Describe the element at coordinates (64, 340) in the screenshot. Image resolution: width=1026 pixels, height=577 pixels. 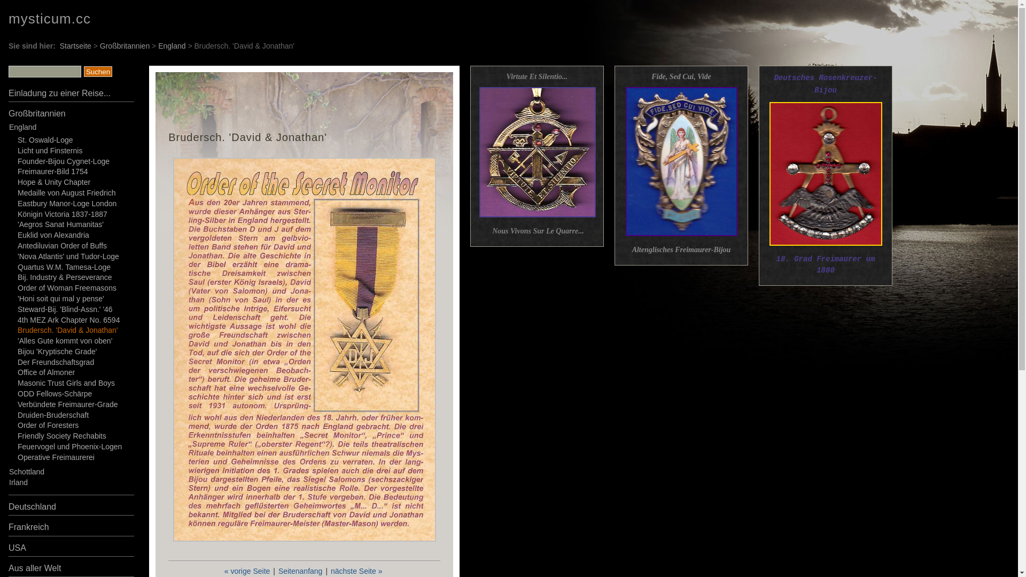
I see `''Alles Gute kommt von oben''` at that location.